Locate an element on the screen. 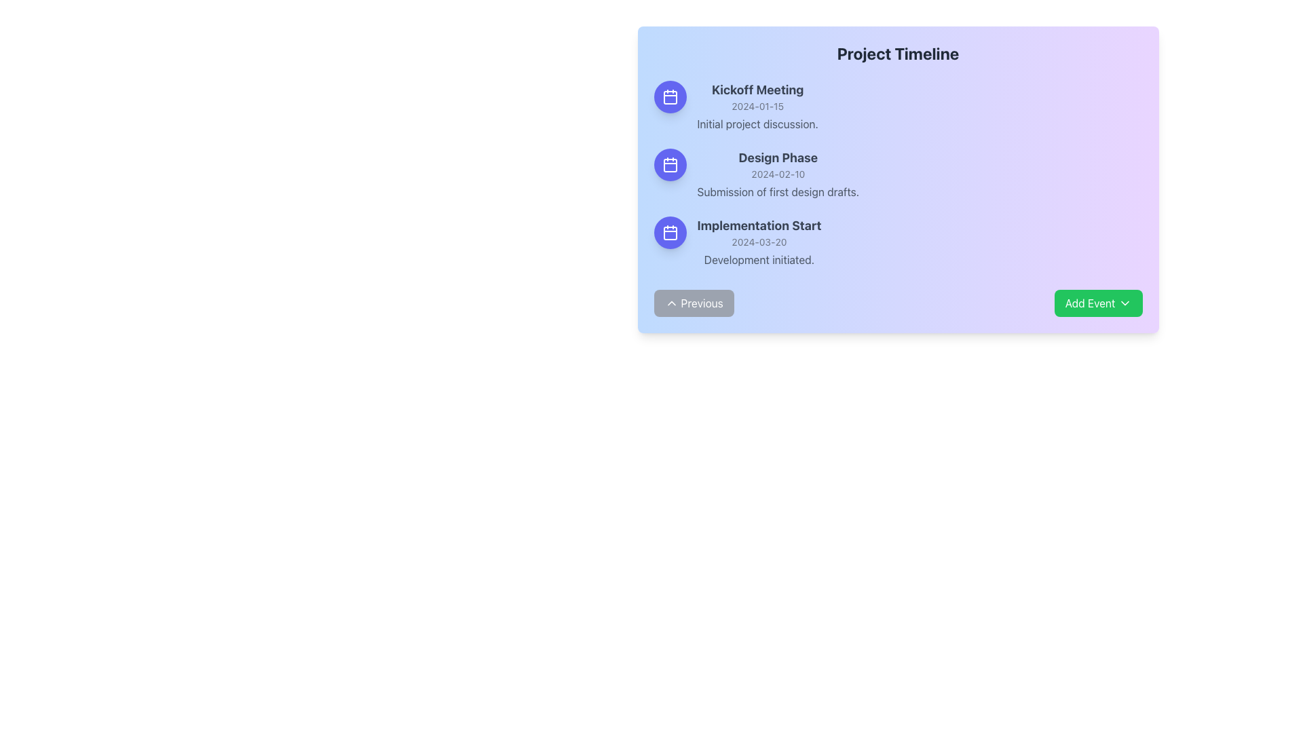  the SVG shape representing the main body of the calendar icon in the 'Design Phase' section is located at coordinates (670, 164).